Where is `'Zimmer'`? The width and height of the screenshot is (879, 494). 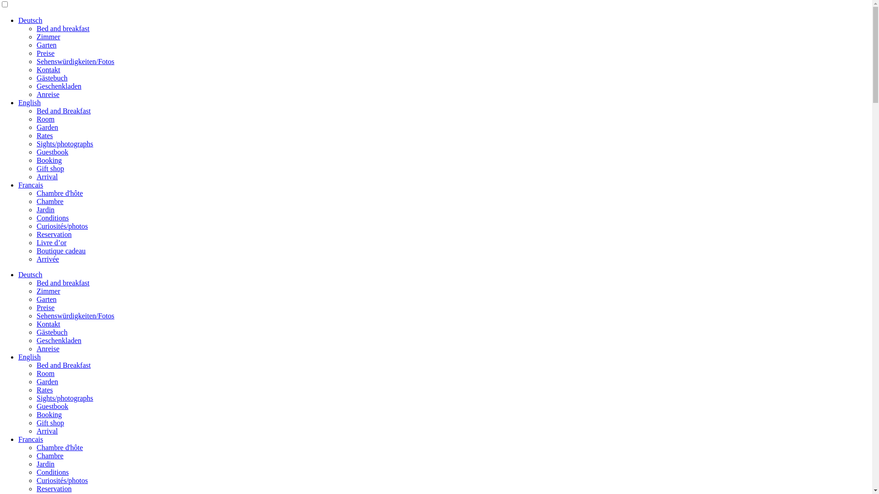 'Zimmer' is located at coordinates (48, 36).